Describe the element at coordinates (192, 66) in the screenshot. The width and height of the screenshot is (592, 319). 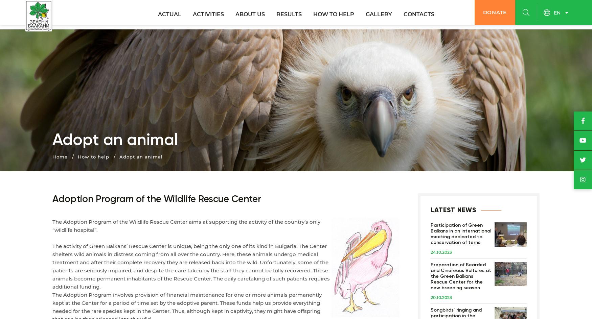
I see `'Managing board'` at that location.